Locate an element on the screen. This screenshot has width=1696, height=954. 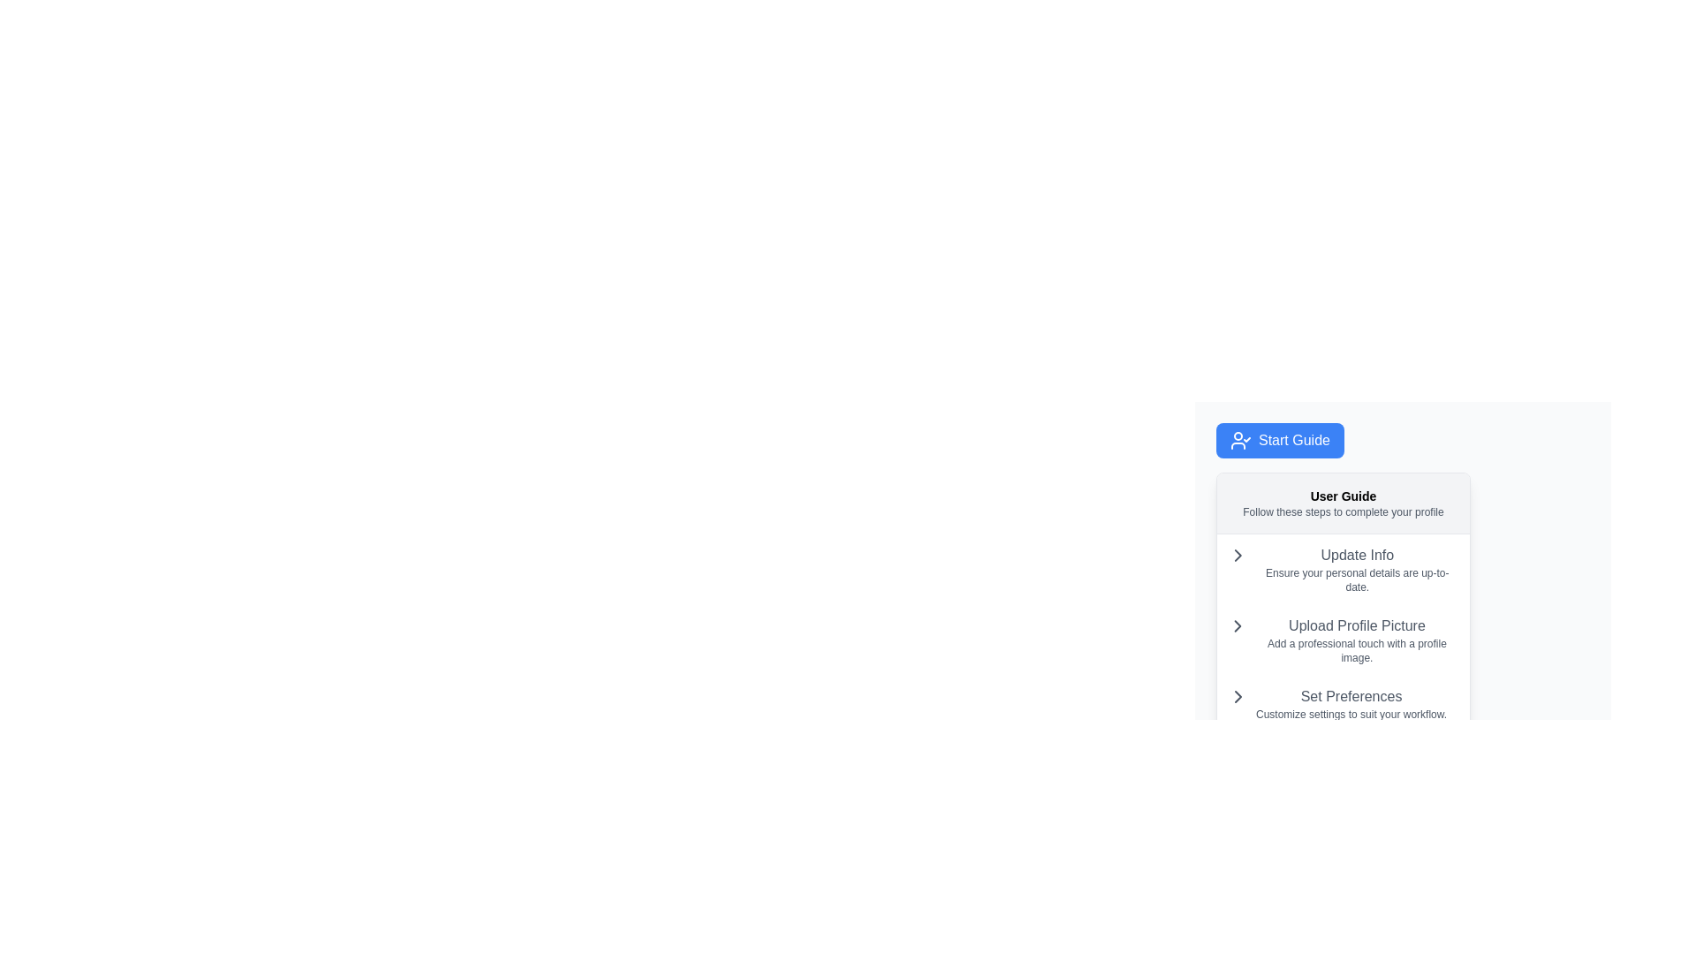
the Text Display element that shows 'Upload Profile Picture' in bold and 'Add a professional touch with a profile image' as subtext, located in the vertical list on the right side of the interface is located at coordinates (1356, 640).